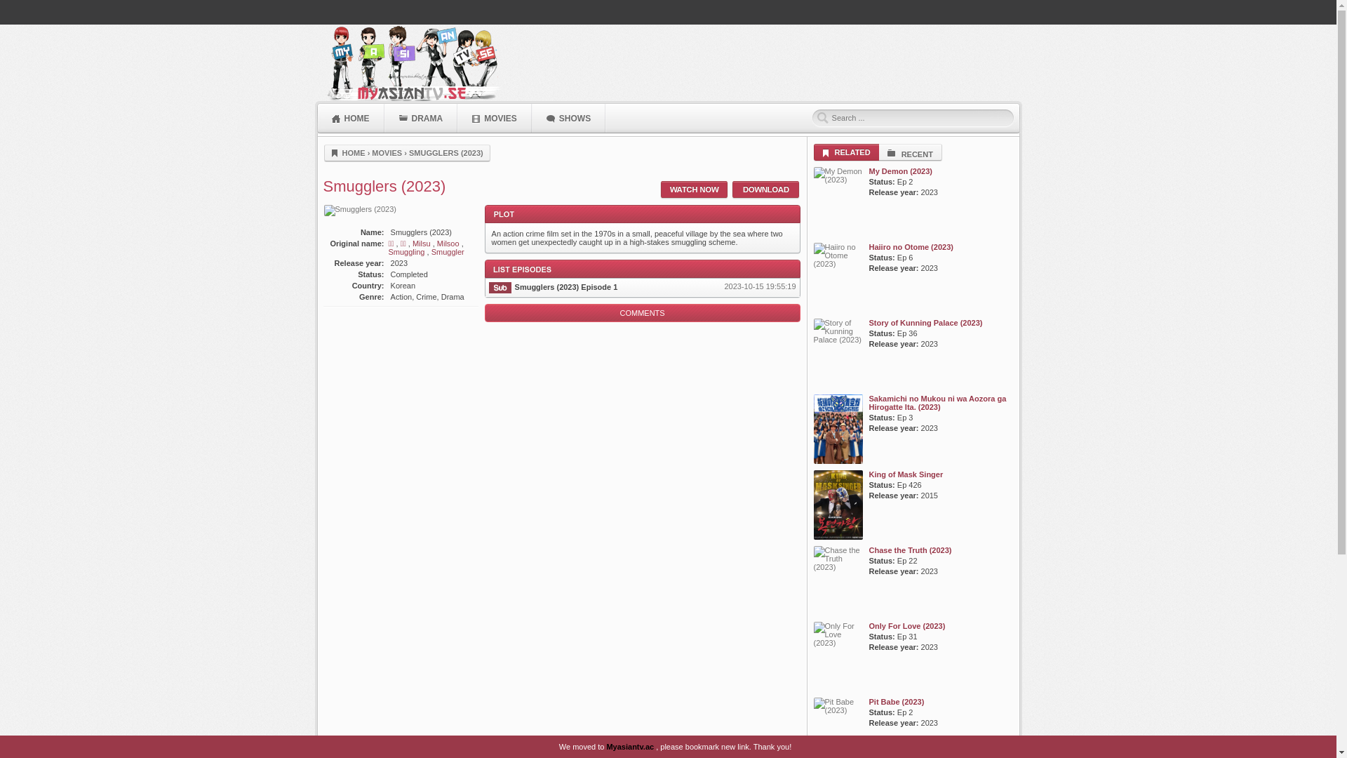  I want to click on 'Story of Kunning Palace (2023)', so click(925, 322).